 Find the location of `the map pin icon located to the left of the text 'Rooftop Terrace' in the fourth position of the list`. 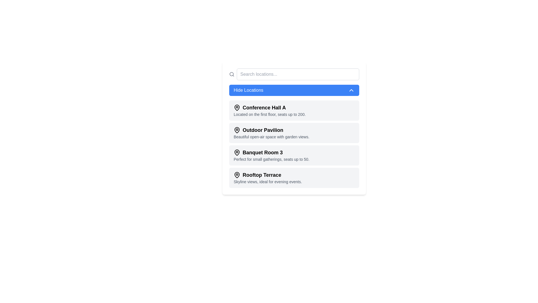

the map pin icon located to the left of the text 'Rooftop Terrace' in the fourth position of the list is located at coordinates (237, 175).